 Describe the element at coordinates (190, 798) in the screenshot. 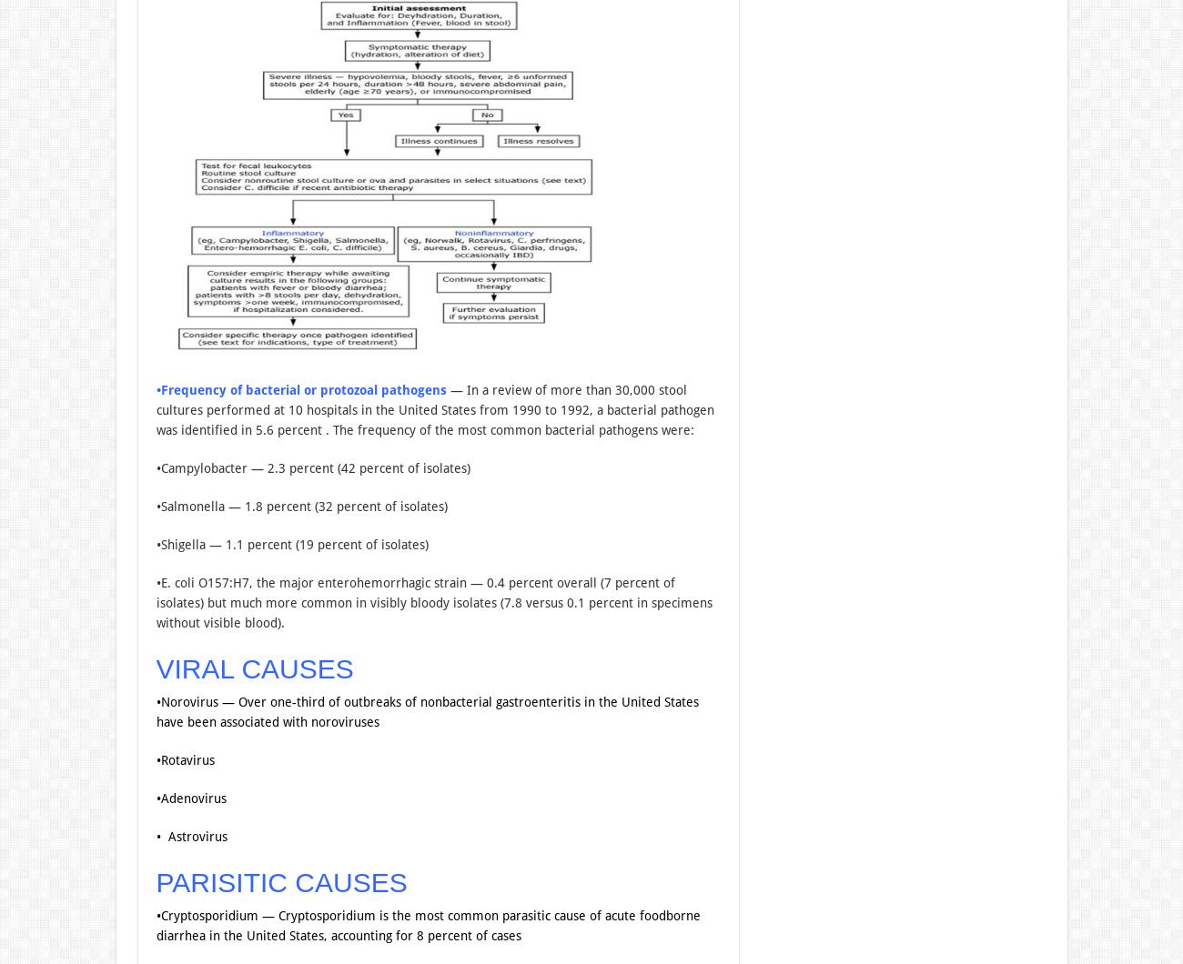

I see `'•Adenovirus'` at that location.